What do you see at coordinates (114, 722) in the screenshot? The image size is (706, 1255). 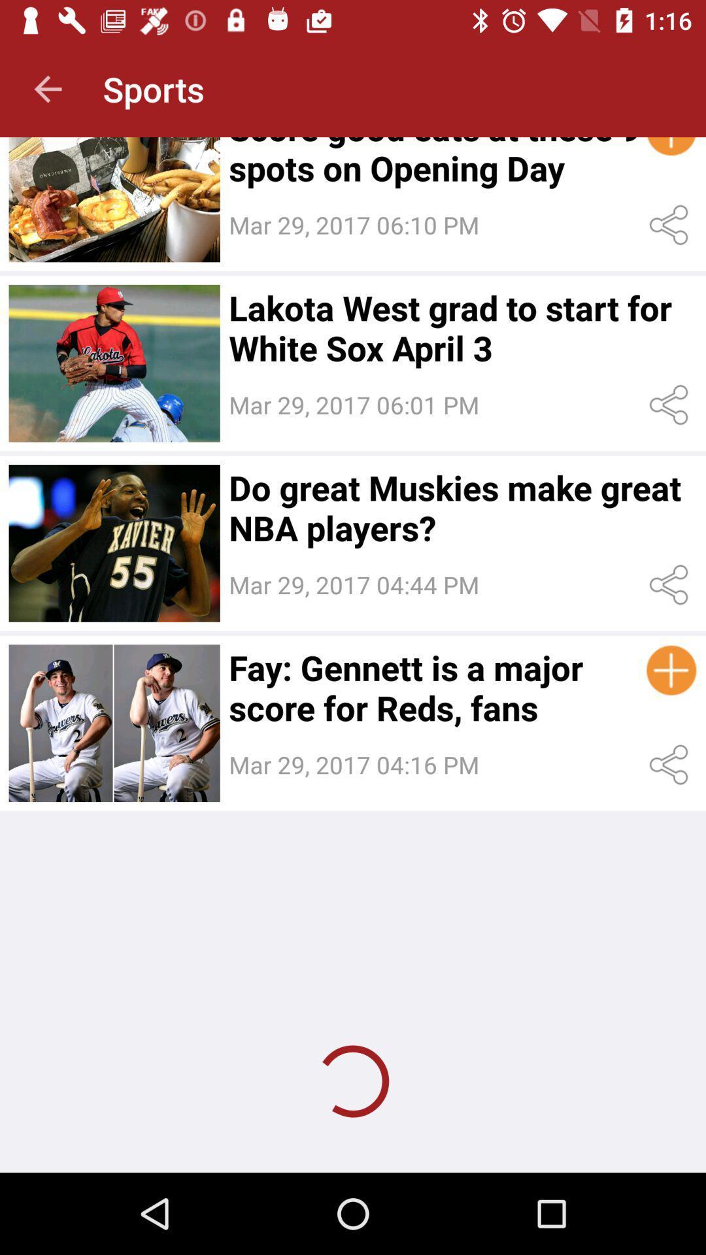 I see `image option` at bounding box center [114, 722].